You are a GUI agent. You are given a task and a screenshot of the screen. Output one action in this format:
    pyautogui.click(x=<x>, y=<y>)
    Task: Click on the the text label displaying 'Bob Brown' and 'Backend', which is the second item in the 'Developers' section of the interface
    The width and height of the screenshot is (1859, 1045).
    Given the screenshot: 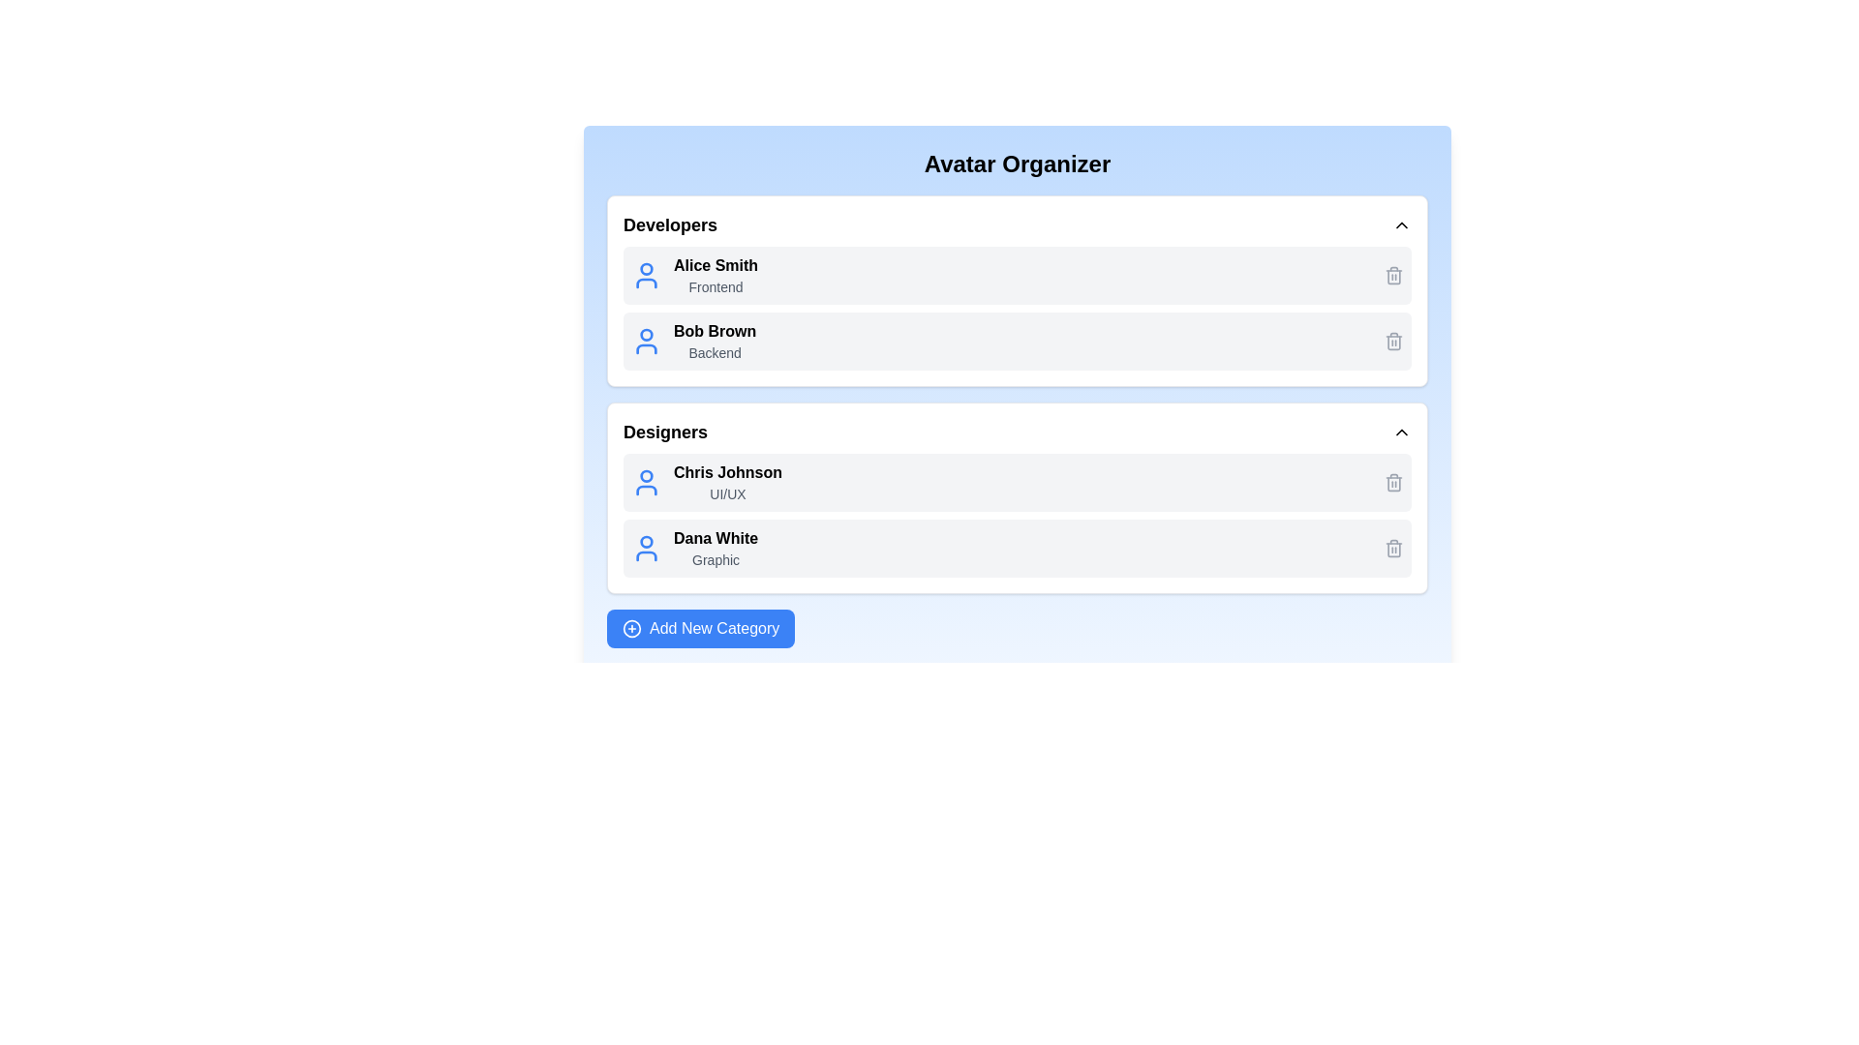 What is the action you would take?
    pyautogui.click(x=714, y=341)
    